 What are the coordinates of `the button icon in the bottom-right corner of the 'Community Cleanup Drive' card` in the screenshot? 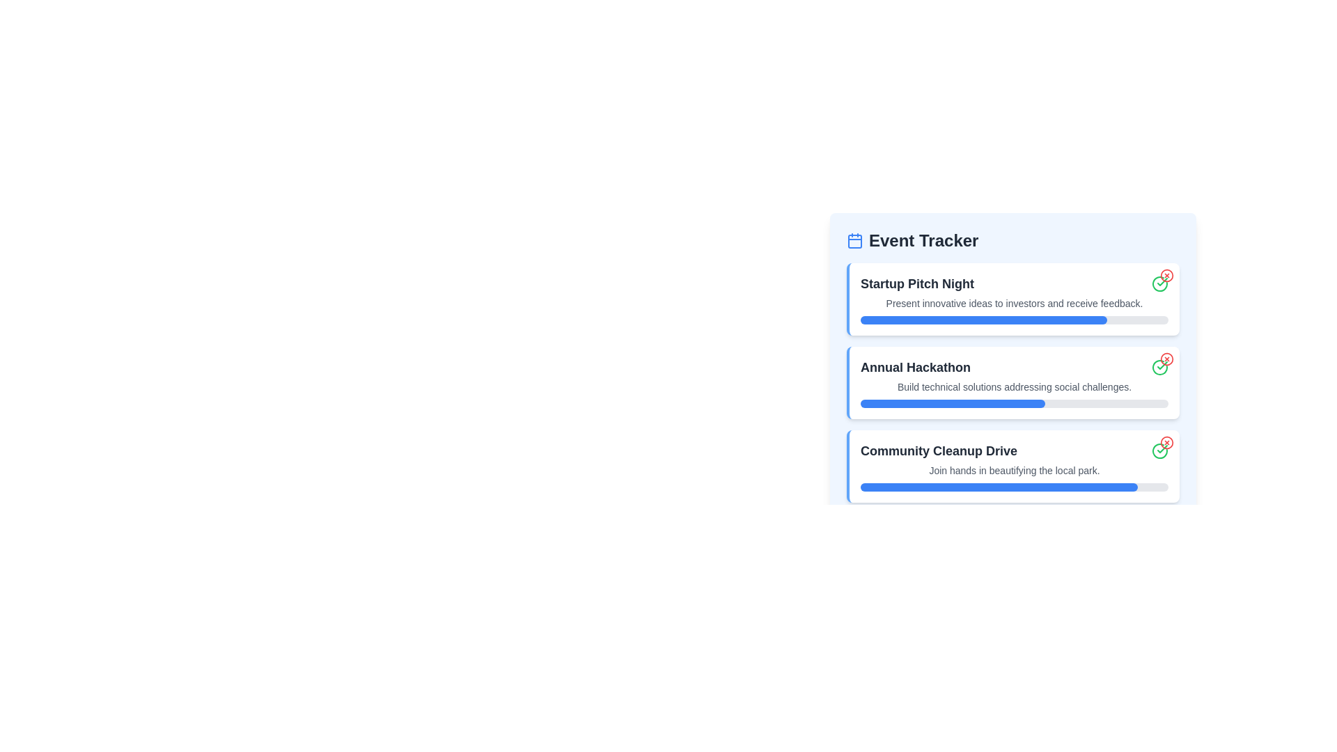 It's located at (1159, 451).